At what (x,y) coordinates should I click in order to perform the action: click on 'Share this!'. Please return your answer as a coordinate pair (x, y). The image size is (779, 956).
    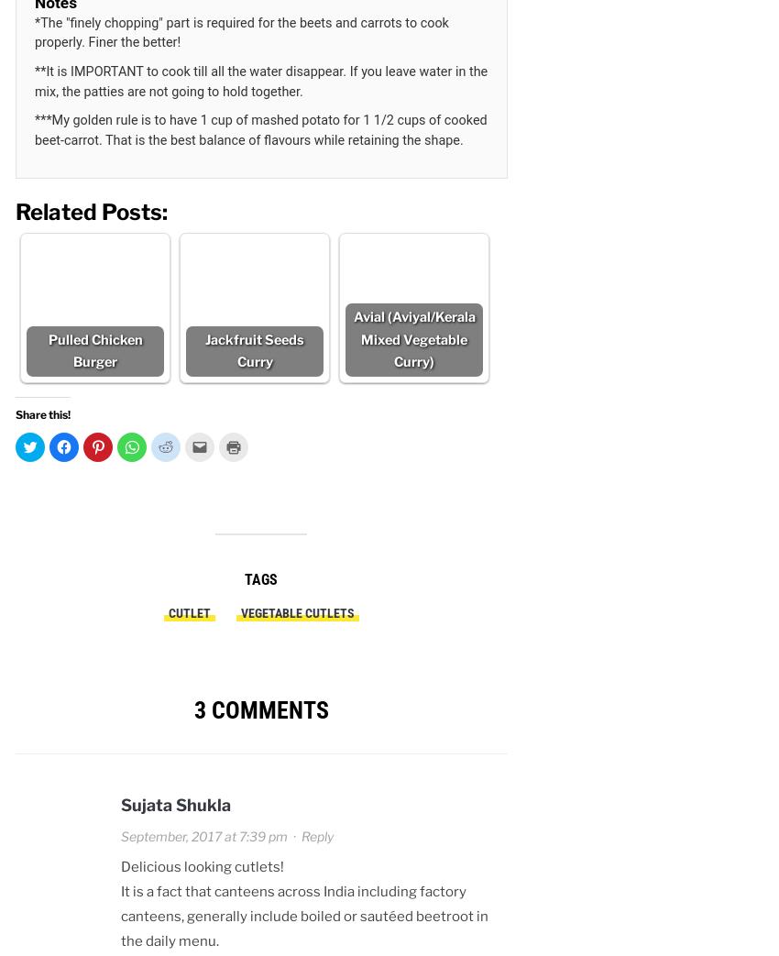
    Looking at the image, I should click on (15, 412).